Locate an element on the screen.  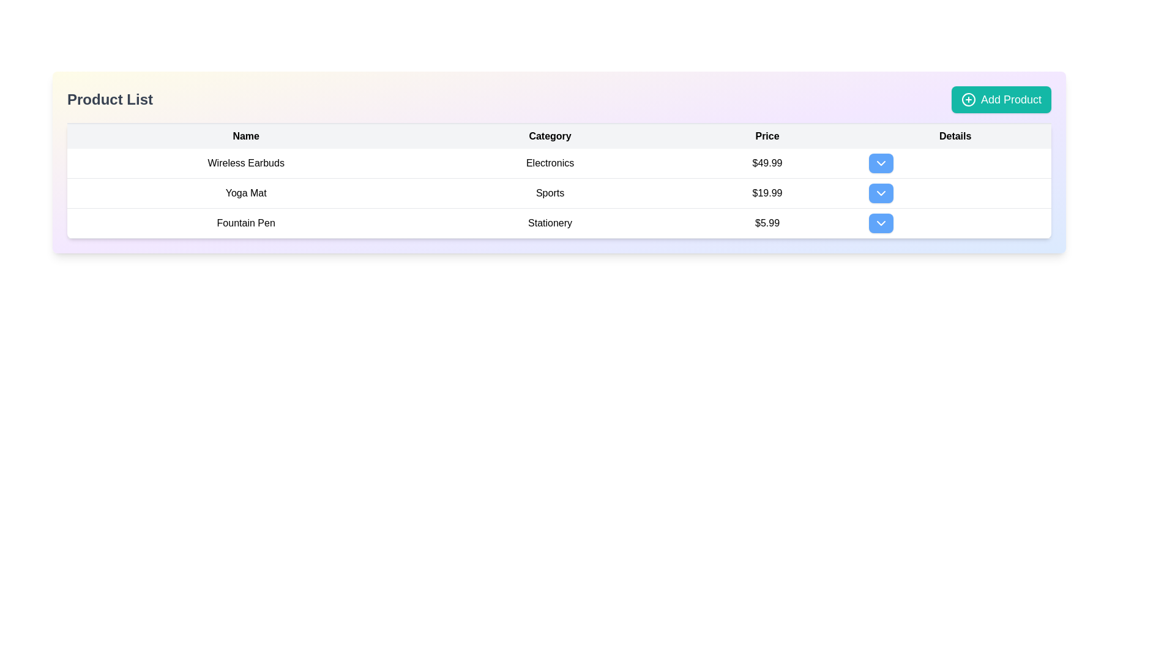
the blue downward-pointing chevron icon in the 'Details' column of the table is located at coordinates (881, 162).